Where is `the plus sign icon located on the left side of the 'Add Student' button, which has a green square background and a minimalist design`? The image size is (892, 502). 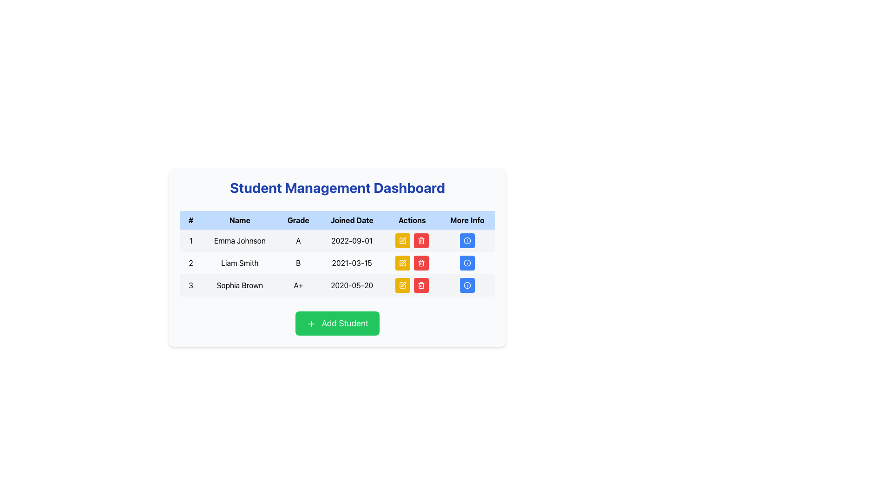
the plus sign icon located on the left side of the 'Add Student' button, which has a green square background and a minimalist design is located at coordinates (311, 324).